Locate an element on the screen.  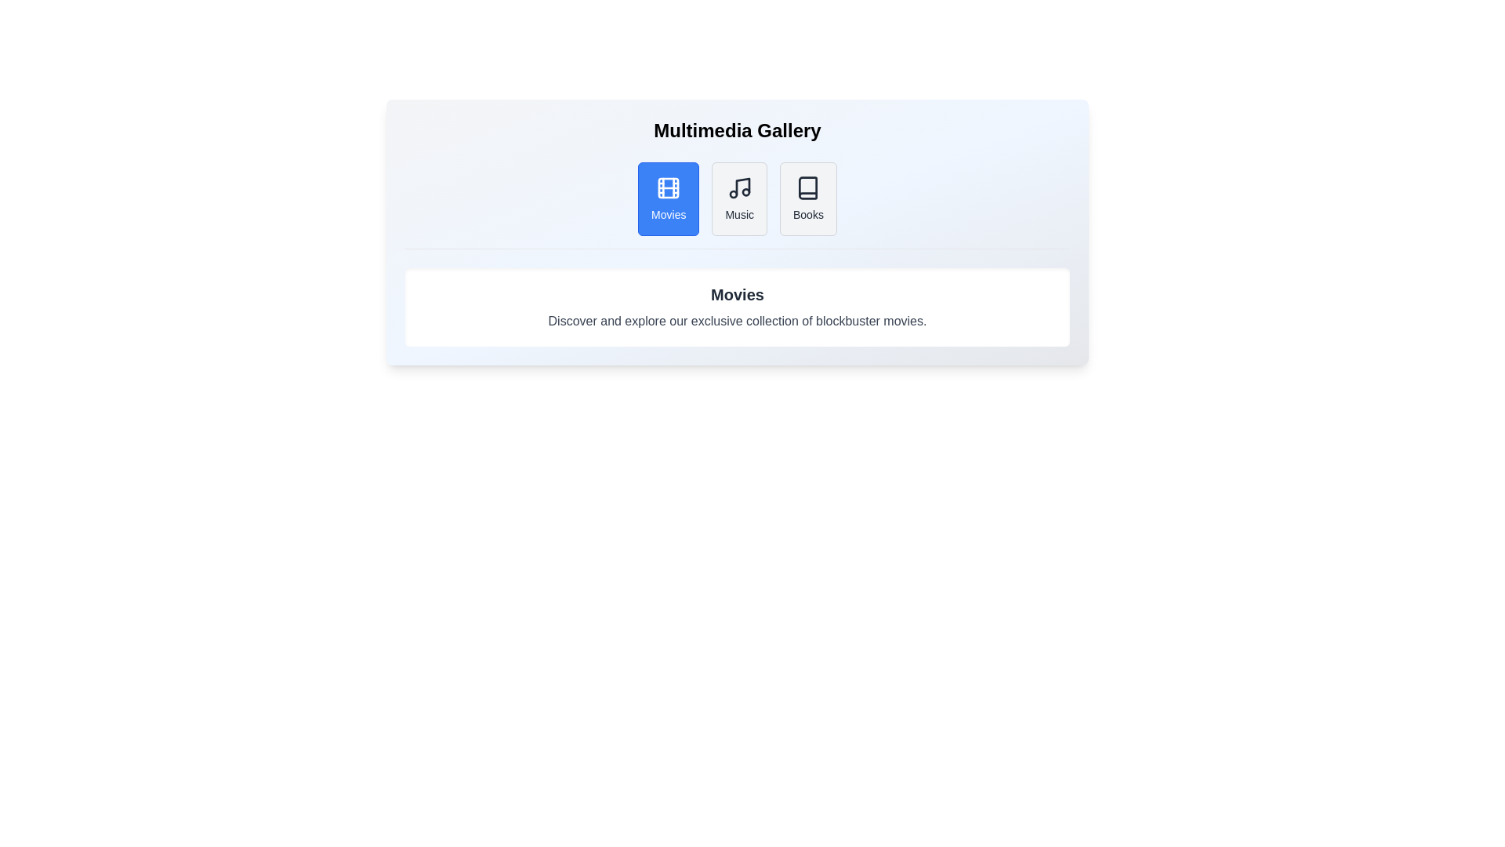
the Music tab to view its content is located at coordinates (738, 198).